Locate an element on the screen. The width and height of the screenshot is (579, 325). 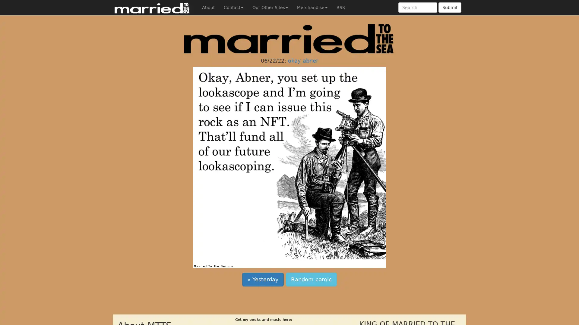
Submit is located at coordinates (450, 7).